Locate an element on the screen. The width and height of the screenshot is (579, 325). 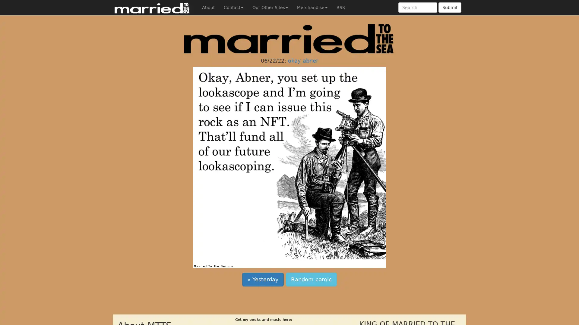
Submit is located at coordinates (450, 7).